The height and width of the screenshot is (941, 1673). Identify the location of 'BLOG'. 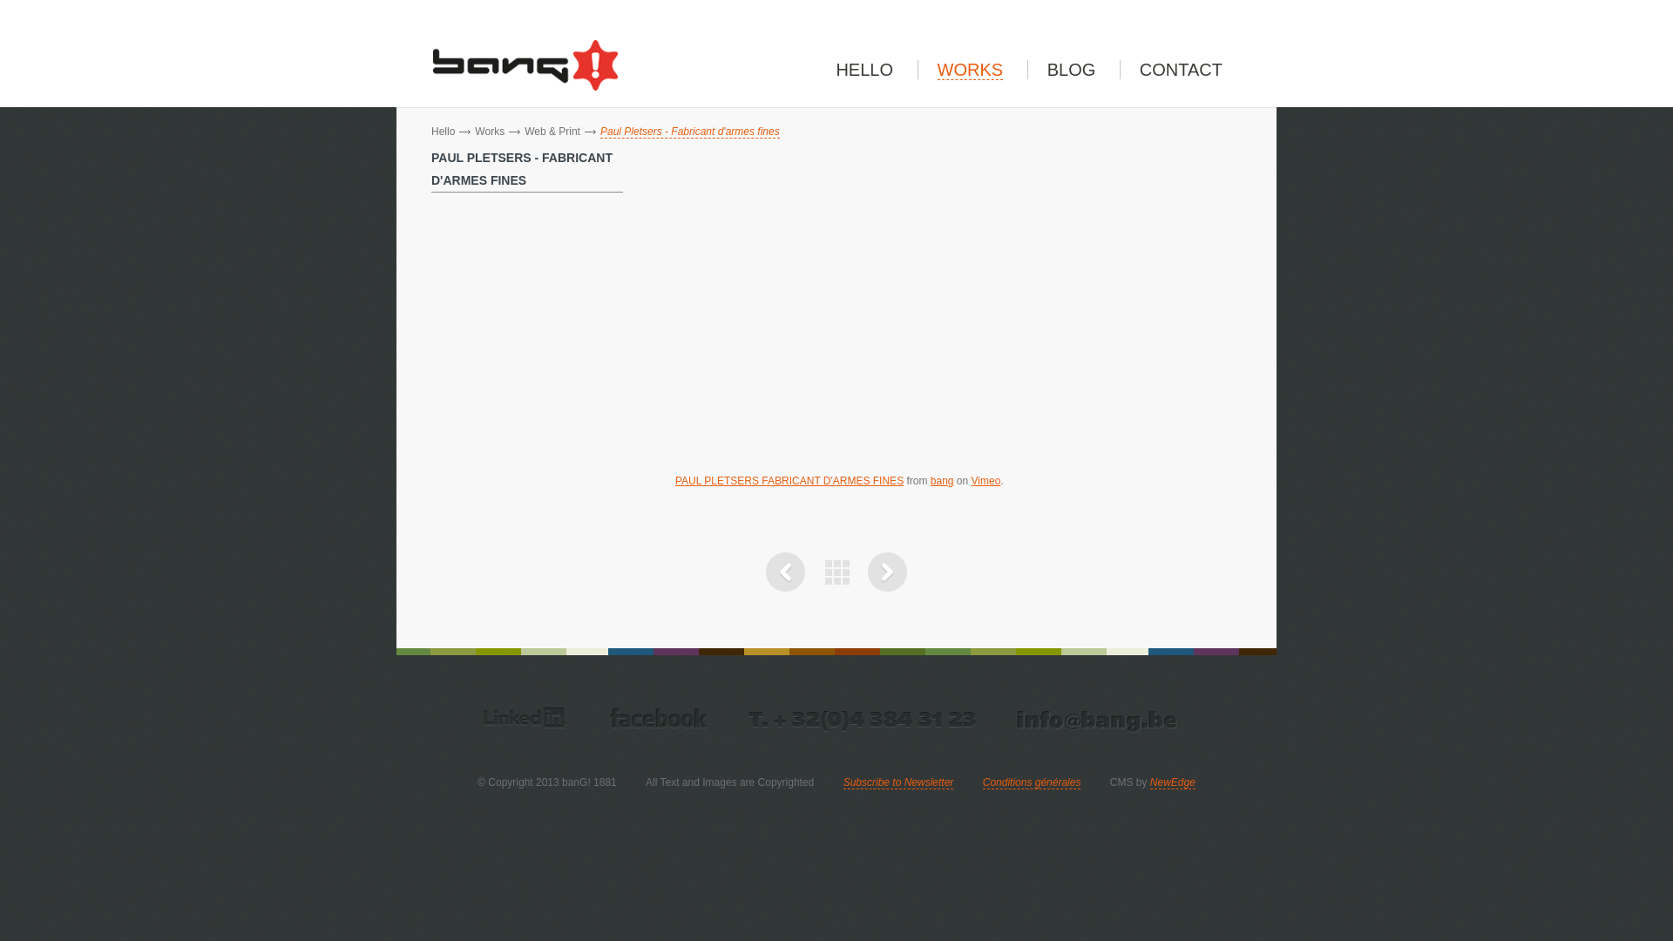
(1070, 69).